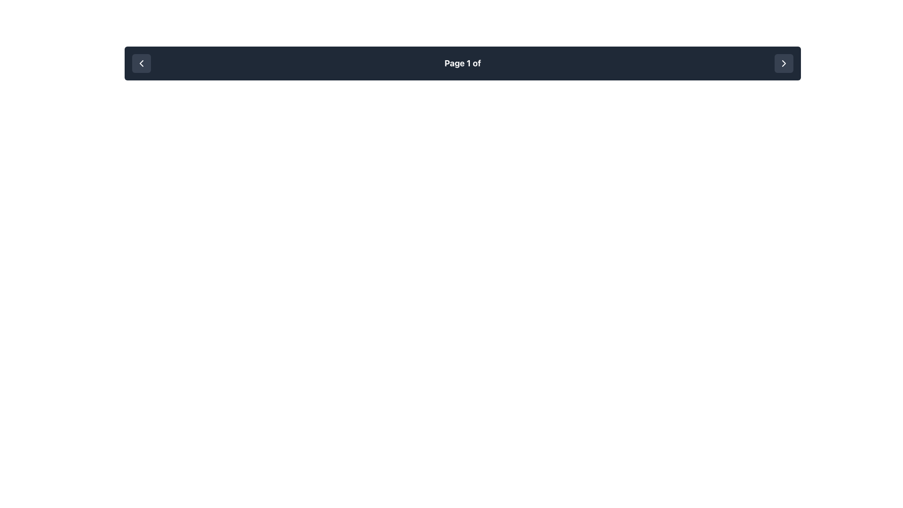 This screenshot has height=508, width=903. I want to click on the leftwards pointing arrow icon, which is a minimalist outline styled as a chevron, located on the leftmost side of the header bar, so click(141, 63).